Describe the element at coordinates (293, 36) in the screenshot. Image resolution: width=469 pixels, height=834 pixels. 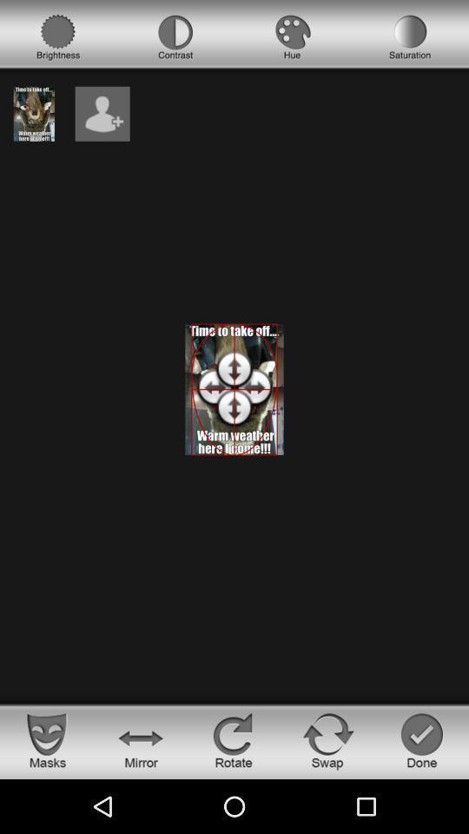
I see `choose hue option` at that location.